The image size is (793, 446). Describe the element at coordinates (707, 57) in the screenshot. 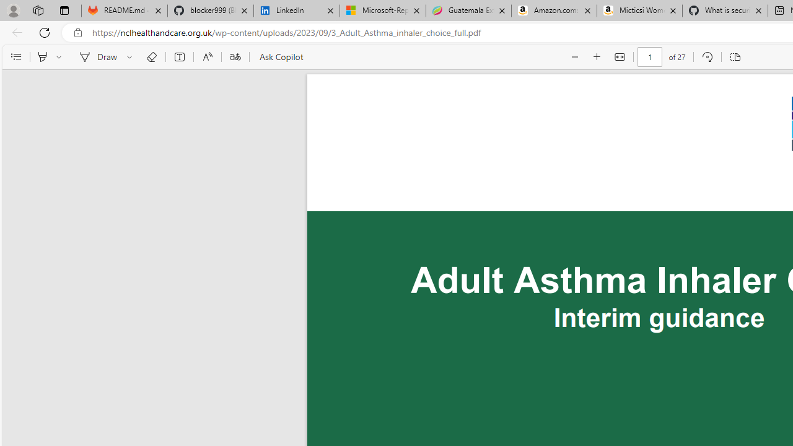

I see `'Rotate (Ctrl+])'` at that location.